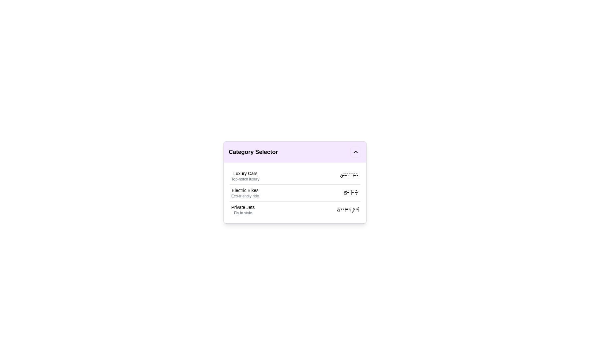 This screenshot has height=345, width=613. What do you see at coordinates (347, 210) in the screenshot?
I see `the airplane emoji icon positioned to the far-right within the 'Private Jets' list item, serving as a decorative indicator` at bounding box center [347, 210].